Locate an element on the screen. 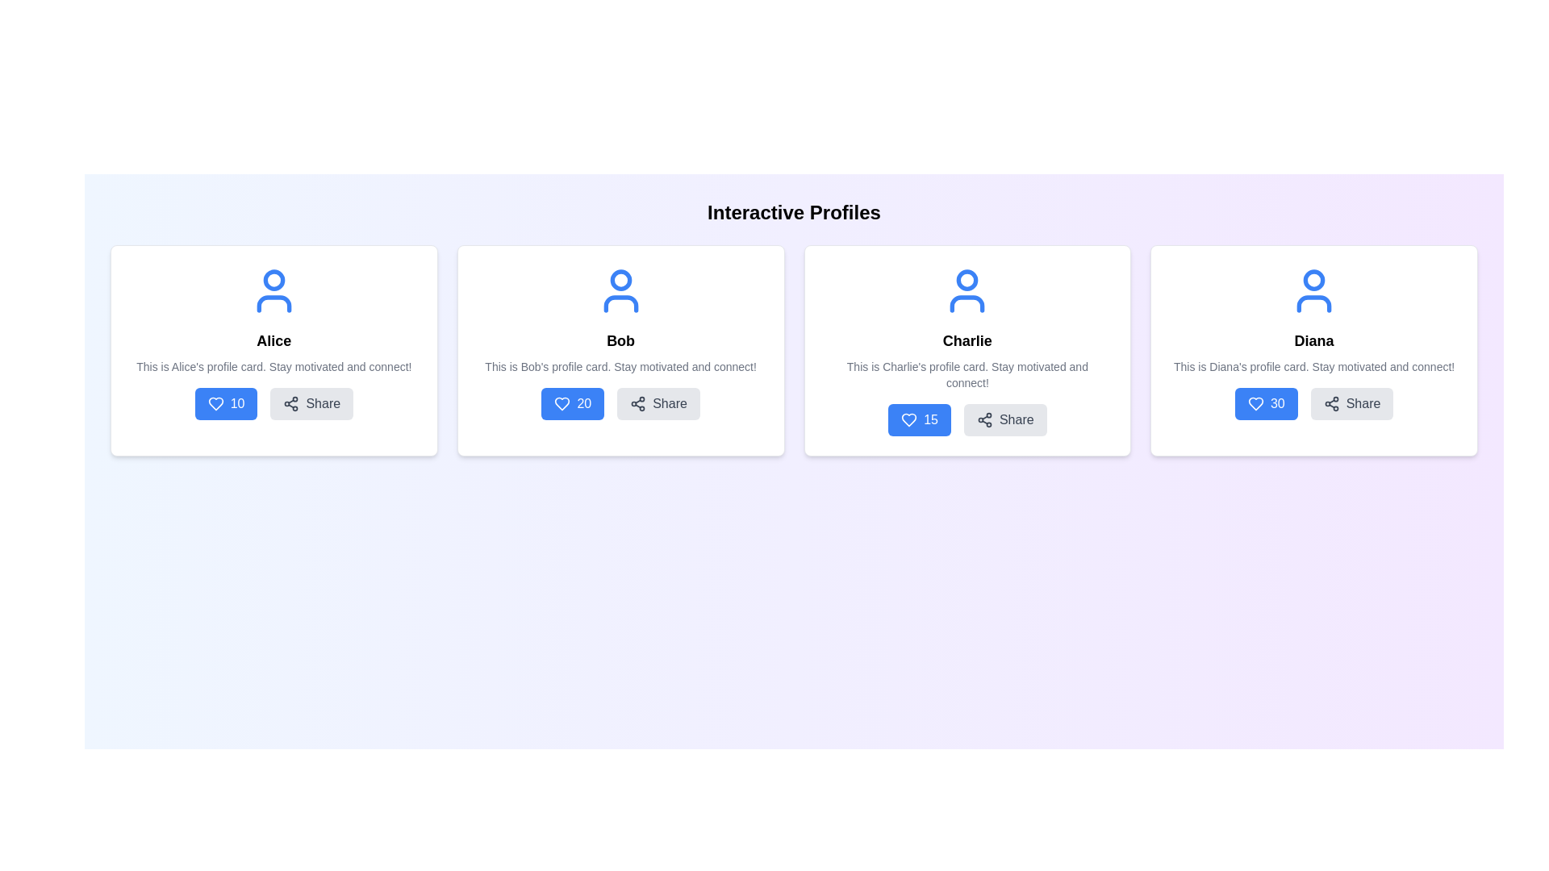 Image resolution: width=1549 pixels, height=871 pixels. the blue outlined heart icon located within Alice's profile card, positioned to the left of the 'Share' button is located at coordinates (215, 403).